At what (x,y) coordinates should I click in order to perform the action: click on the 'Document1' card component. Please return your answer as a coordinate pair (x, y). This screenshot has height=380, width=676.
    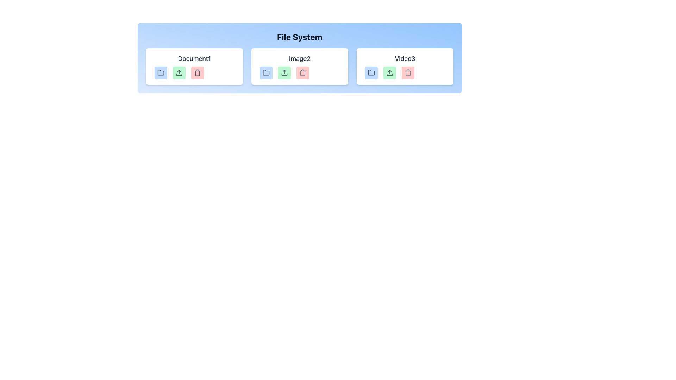
    Looking at the image, I should click on (194, 66).